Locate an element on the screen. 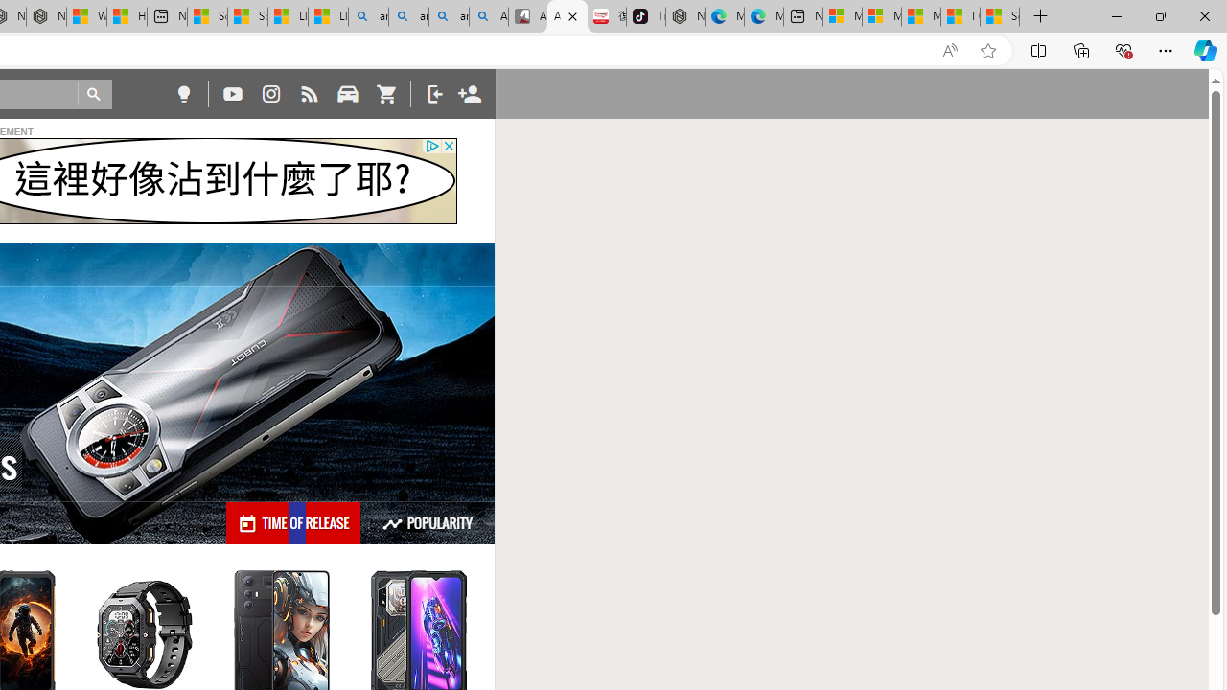 The image size is (1227, 690). 'AutomationID: close_button_svg' is located at coordinates (448, 145).